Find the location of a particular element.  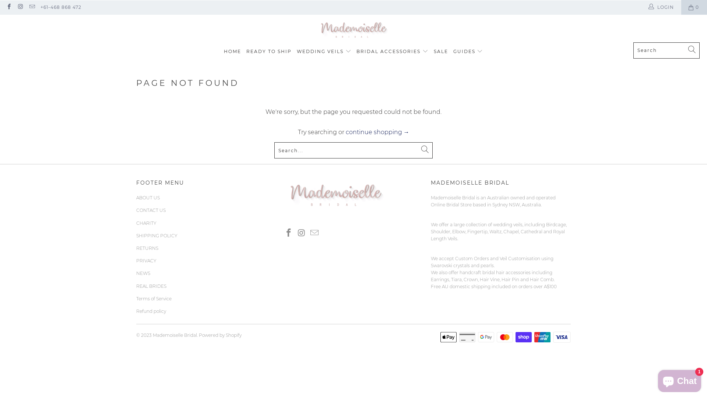

'Powered by Shopify' is located at coordinates (220, 335).